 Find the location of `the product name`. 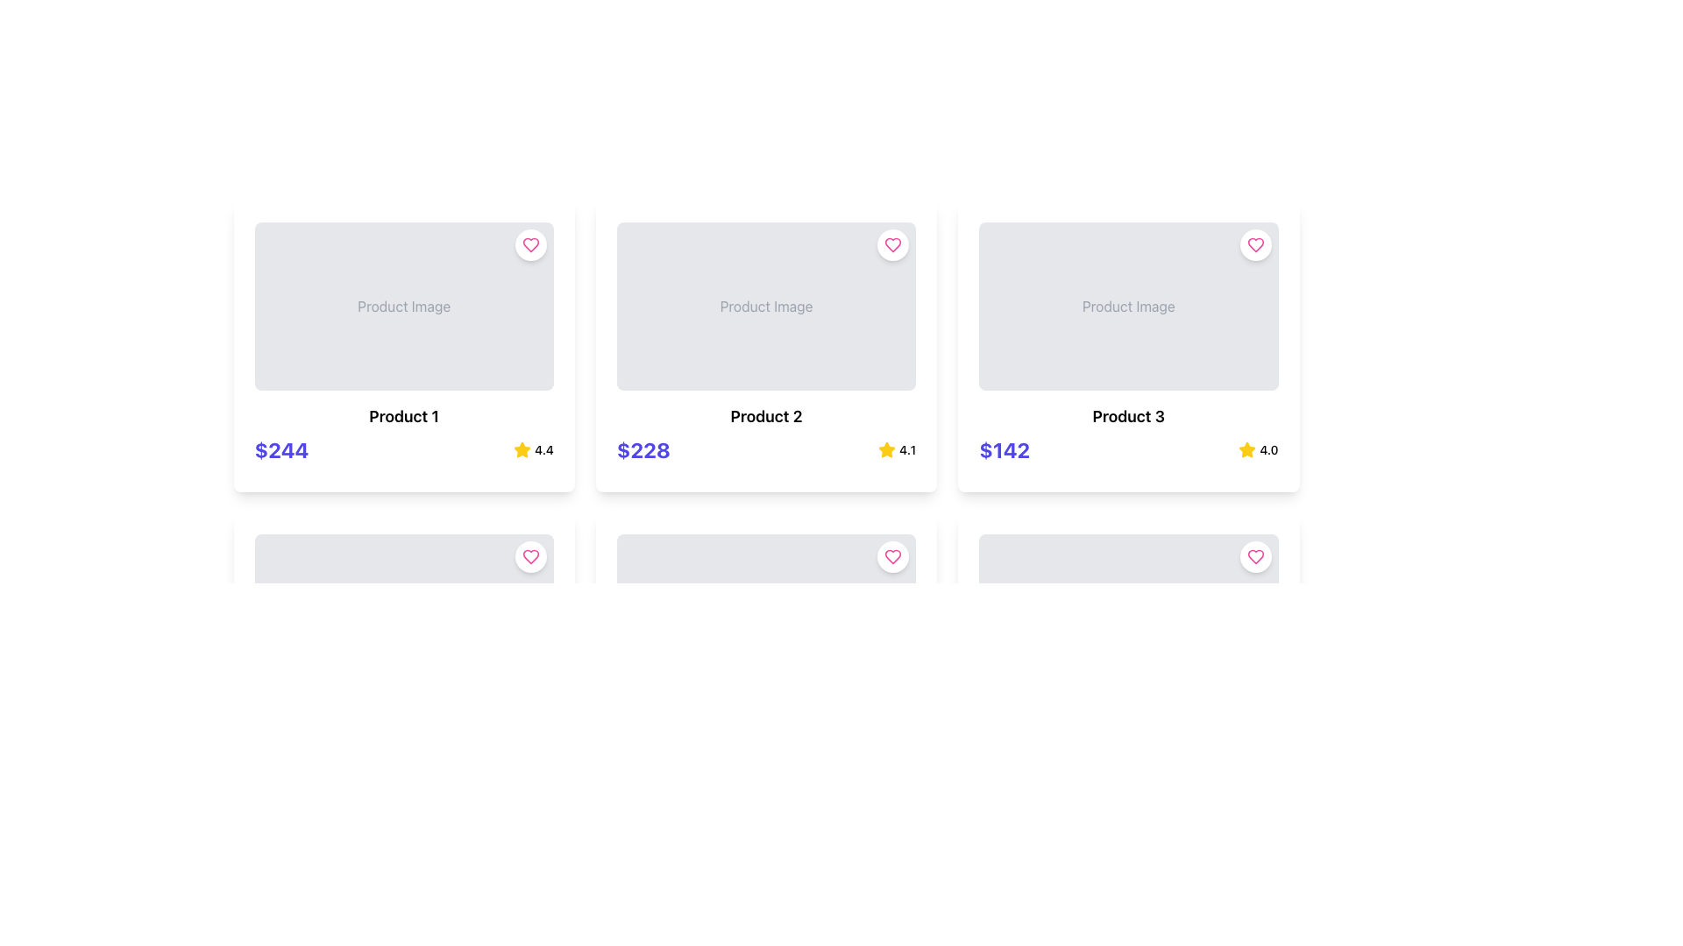

the product name is located at coordinates (766, 416).